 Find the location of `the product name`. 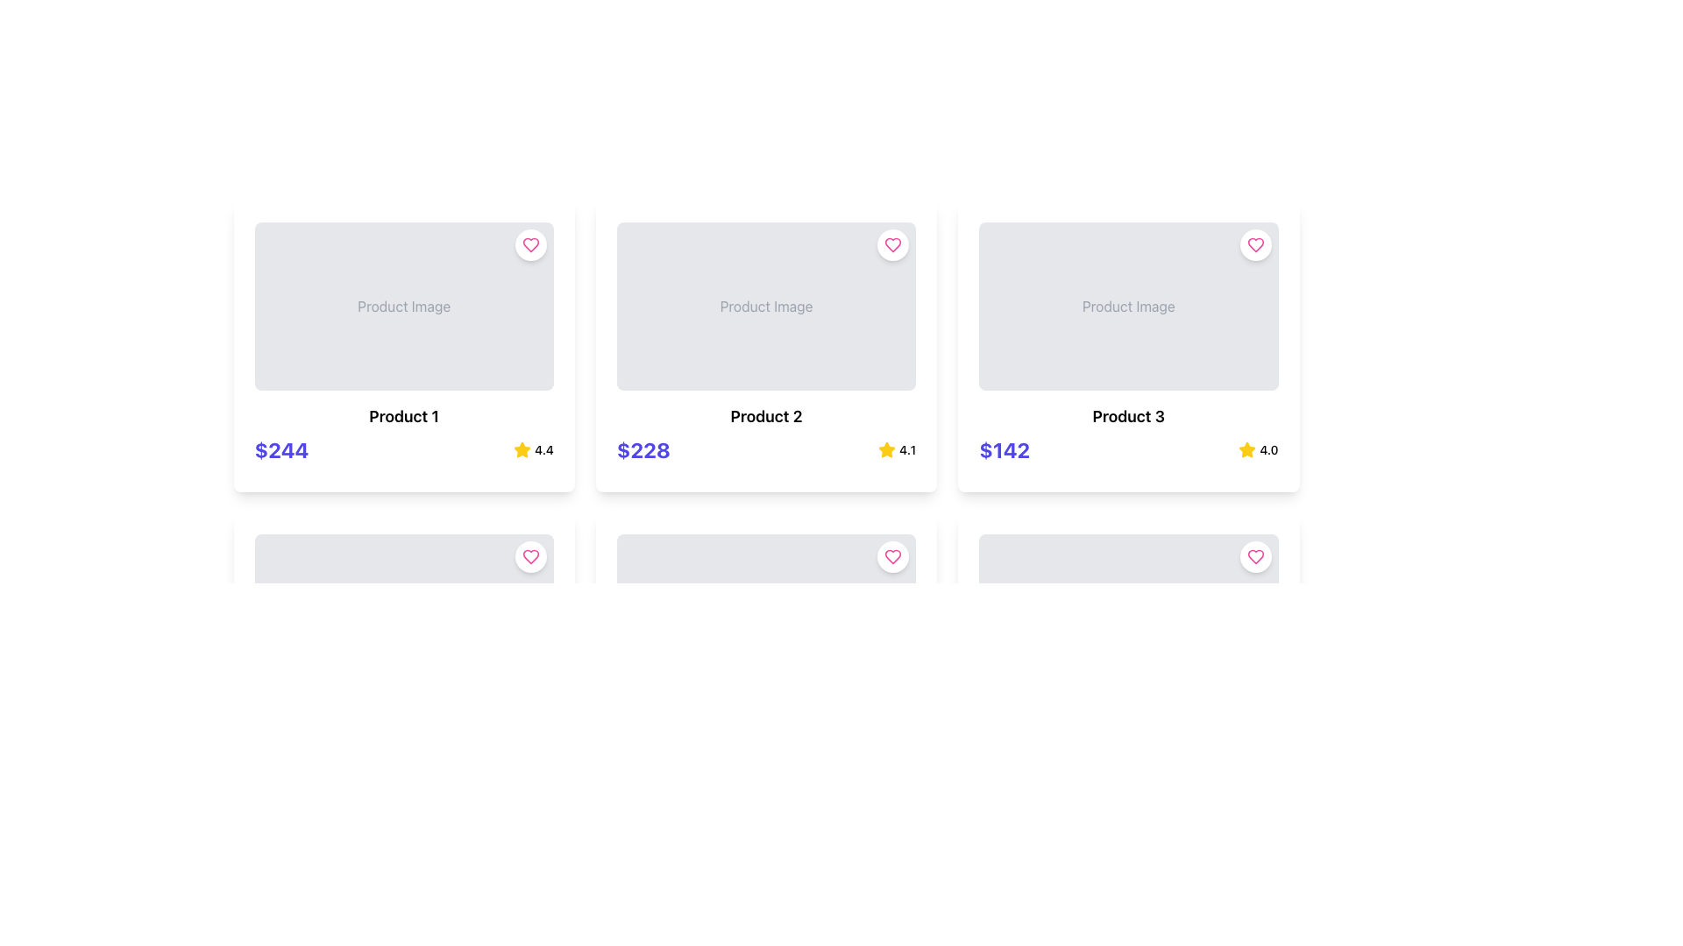

the product name is located at coordinates (766, 416).